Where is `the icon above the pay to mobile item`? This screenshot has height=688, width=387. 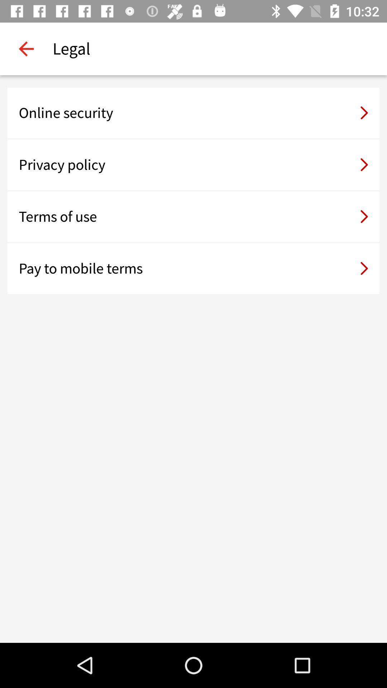 the icon above the pay to mobile item is located at coordinates (193, 216).